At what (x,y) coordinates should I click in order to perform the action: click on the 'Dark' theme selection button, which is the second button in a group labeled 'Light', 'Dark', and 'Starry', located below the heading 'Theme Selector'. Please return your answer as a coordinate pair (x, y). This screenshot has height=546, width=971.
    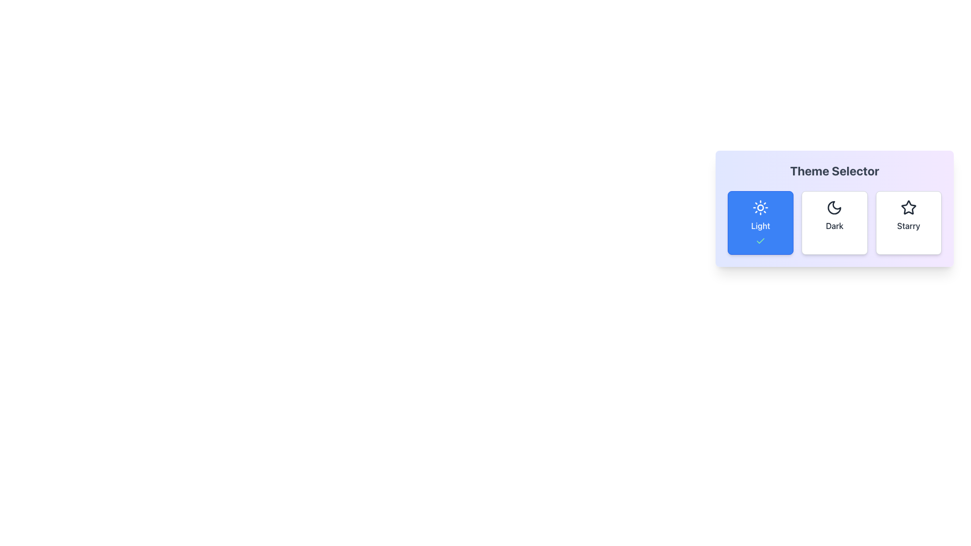
    Looking at the image, I should click on (834, 222).